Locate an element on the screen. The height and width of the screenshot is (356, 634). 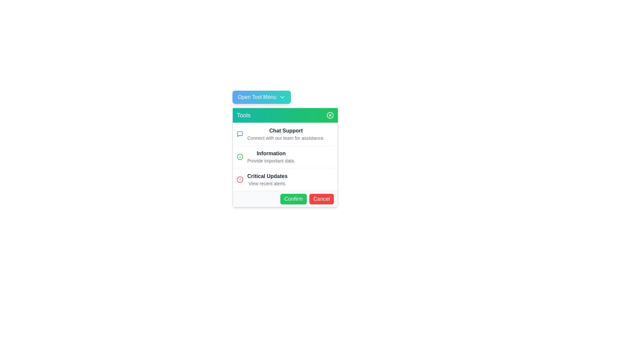
the rectangular button labeled 'Open Tool Menu' with a gradient background transitioning from blue to teal is located at coordinates (285, 97).